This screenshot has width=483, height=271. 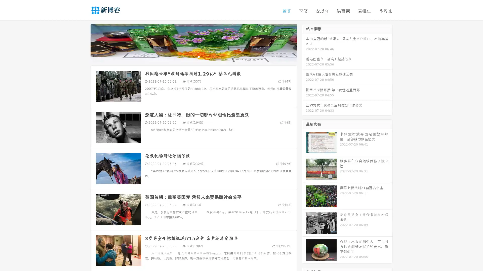 What do you see at coordinates (193, 56) in the screenshot?
I see `Go to slide 2` at bounding box center [193, 56].